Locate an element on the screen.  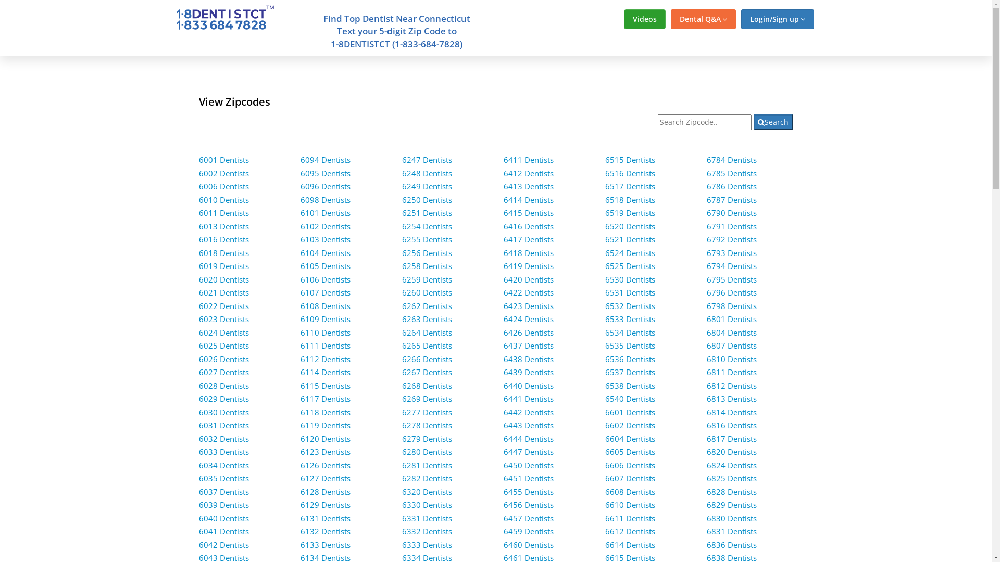
'6521 Dentists' is located at coordinates (629, 239).